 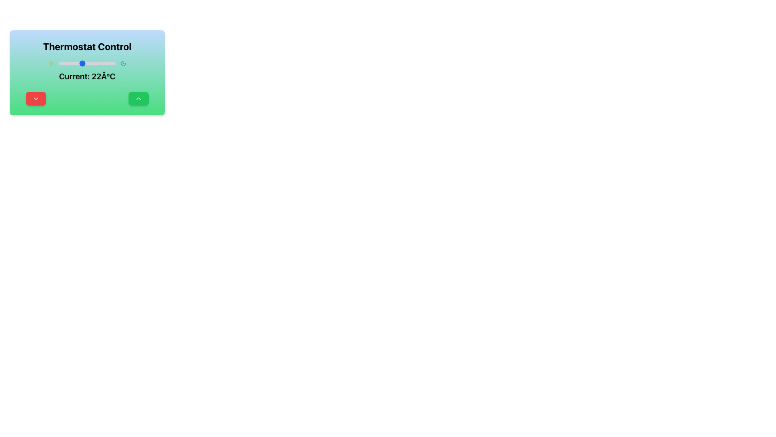 What do you see at coordinates (138, 98) in the screenshot?
I see `the small triangular arrow icon with a green background located in the bottom-right corner of the thermostat control panel to trigger a tooltip or visual effect` at bounding box center [138, 98].